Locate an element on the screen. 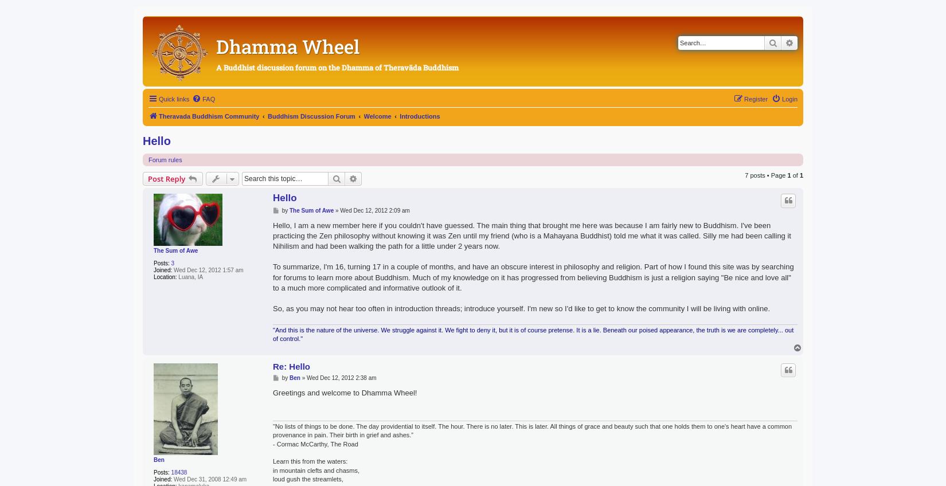 This screenshot has width=946, height=486. 'loud gush the streamlets,' is located at coordinates (307, 479).